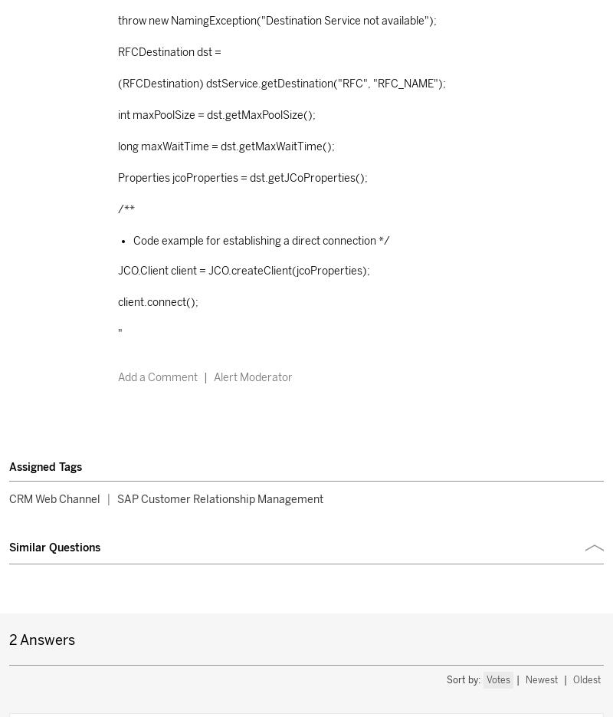 The image size is (613, 717). I want to click on '"', so click(120, 332).